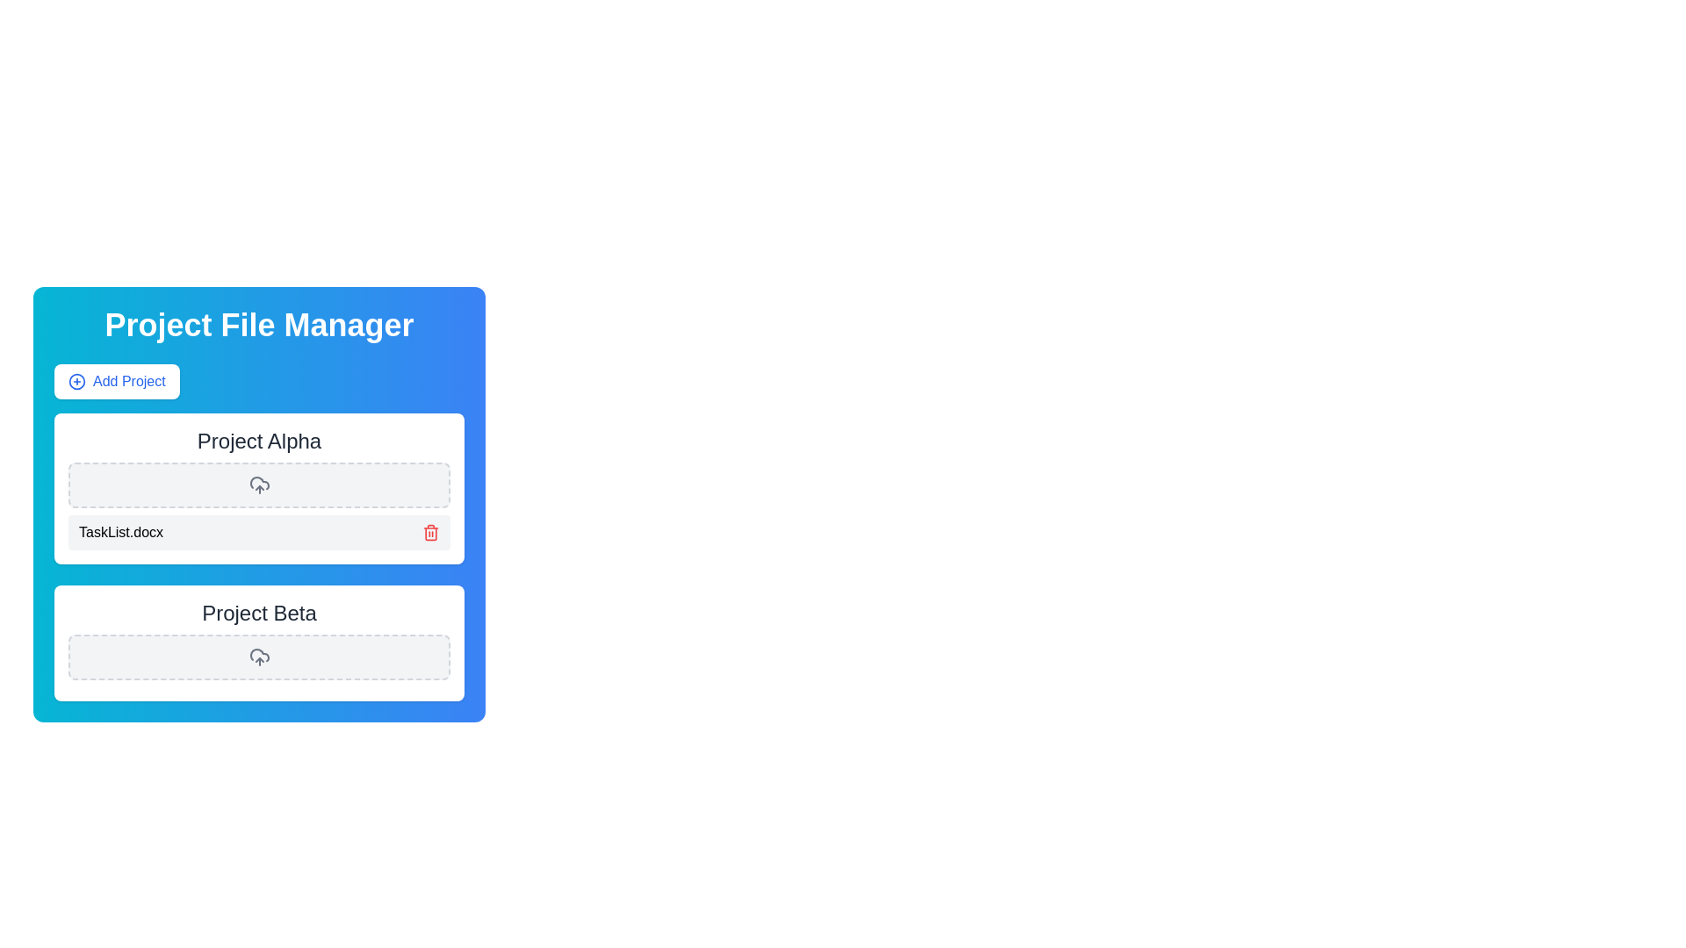  What do you see at coordinates (258, 657) in the screenshot?
I see `the central icon of the File upload area in the 'Project Beta' section` at bounding box center [258, 657].